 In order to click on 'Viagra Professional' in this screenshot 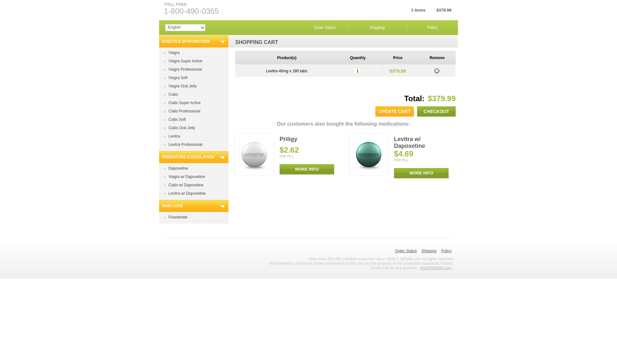, I will do `click(185, 69)`.